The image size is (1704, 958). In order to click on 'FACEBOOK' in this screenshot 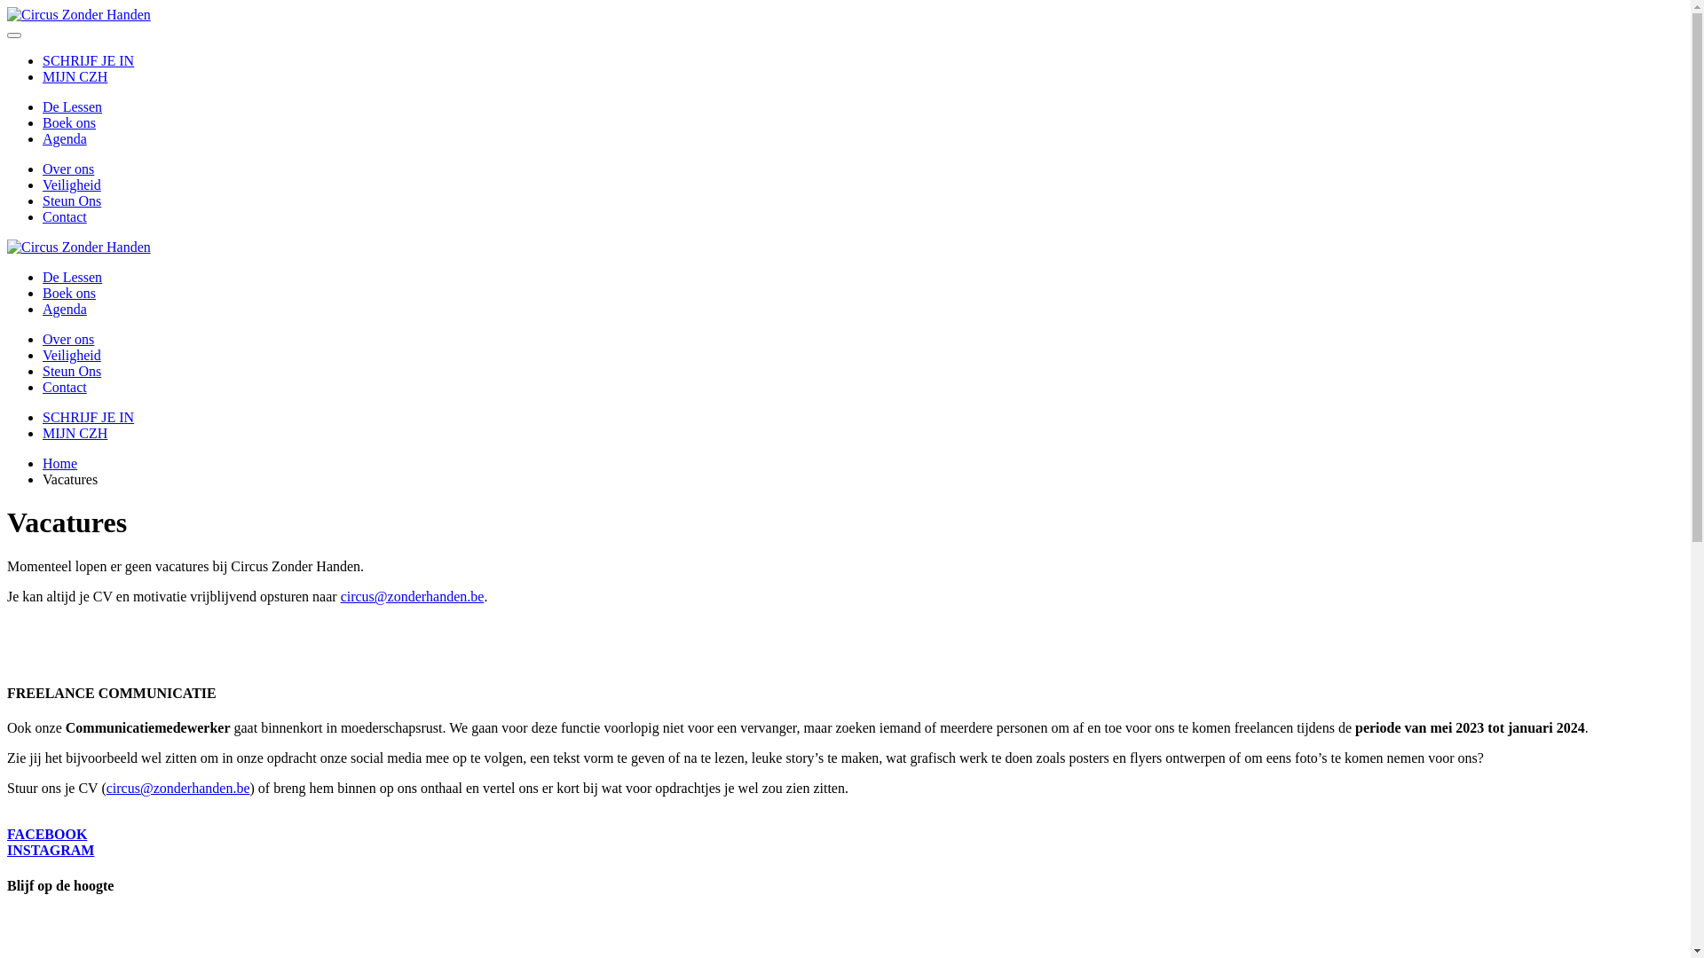, I will do `click(46, 834)`.